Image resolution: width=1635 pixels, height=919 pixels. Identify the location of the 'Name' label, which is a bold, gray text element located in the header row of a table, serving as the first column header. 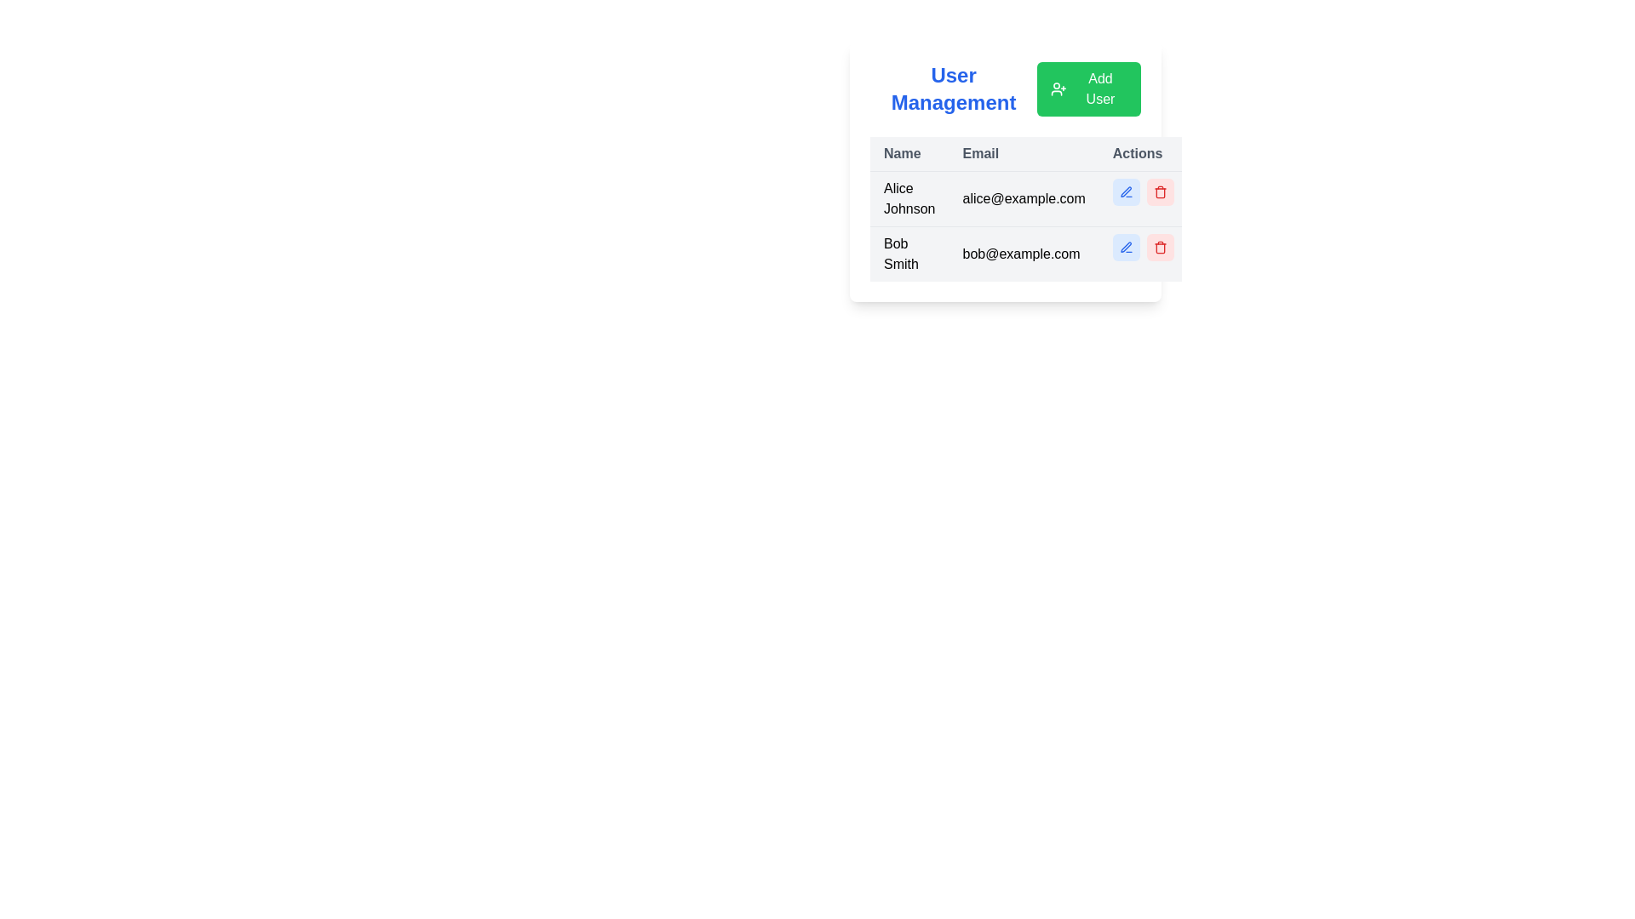
(909, 154).